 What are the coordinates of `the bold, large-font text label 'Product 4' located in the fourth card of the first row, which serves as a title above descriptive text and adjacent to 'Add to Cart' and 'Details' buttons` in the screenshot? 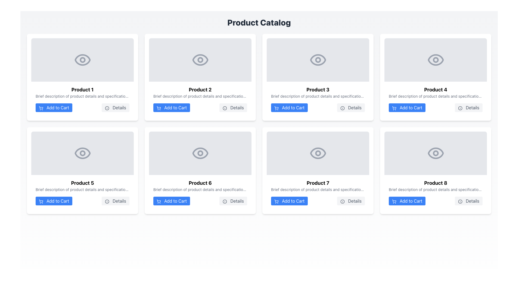 It's located at (436, 90).